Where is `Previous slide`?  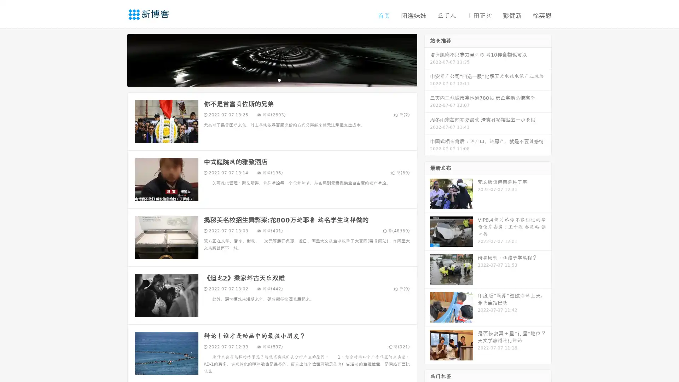 Previous slide is located at coordinates (117, 59).